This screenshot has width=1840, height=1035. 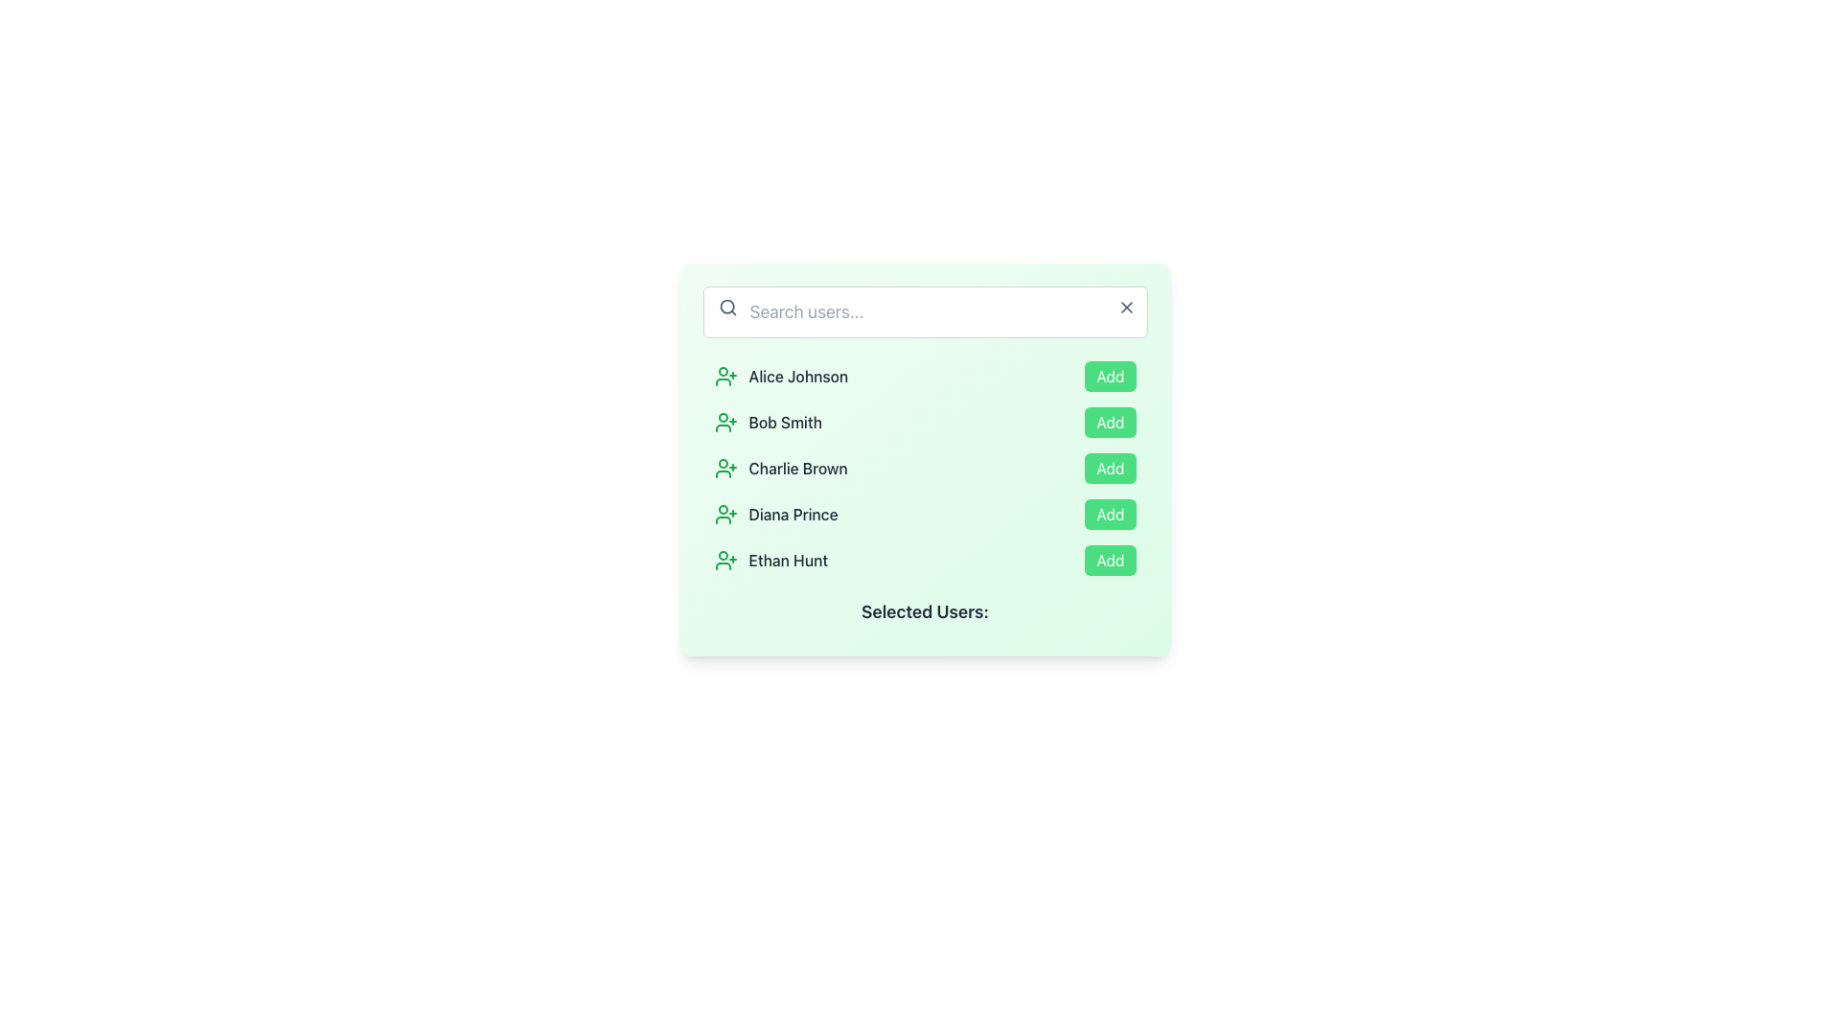 I want to click on the green 'Add' button with white text, located to the right of 'Bob Smith', which is the second button in the list, so click(x=1110, y=421).